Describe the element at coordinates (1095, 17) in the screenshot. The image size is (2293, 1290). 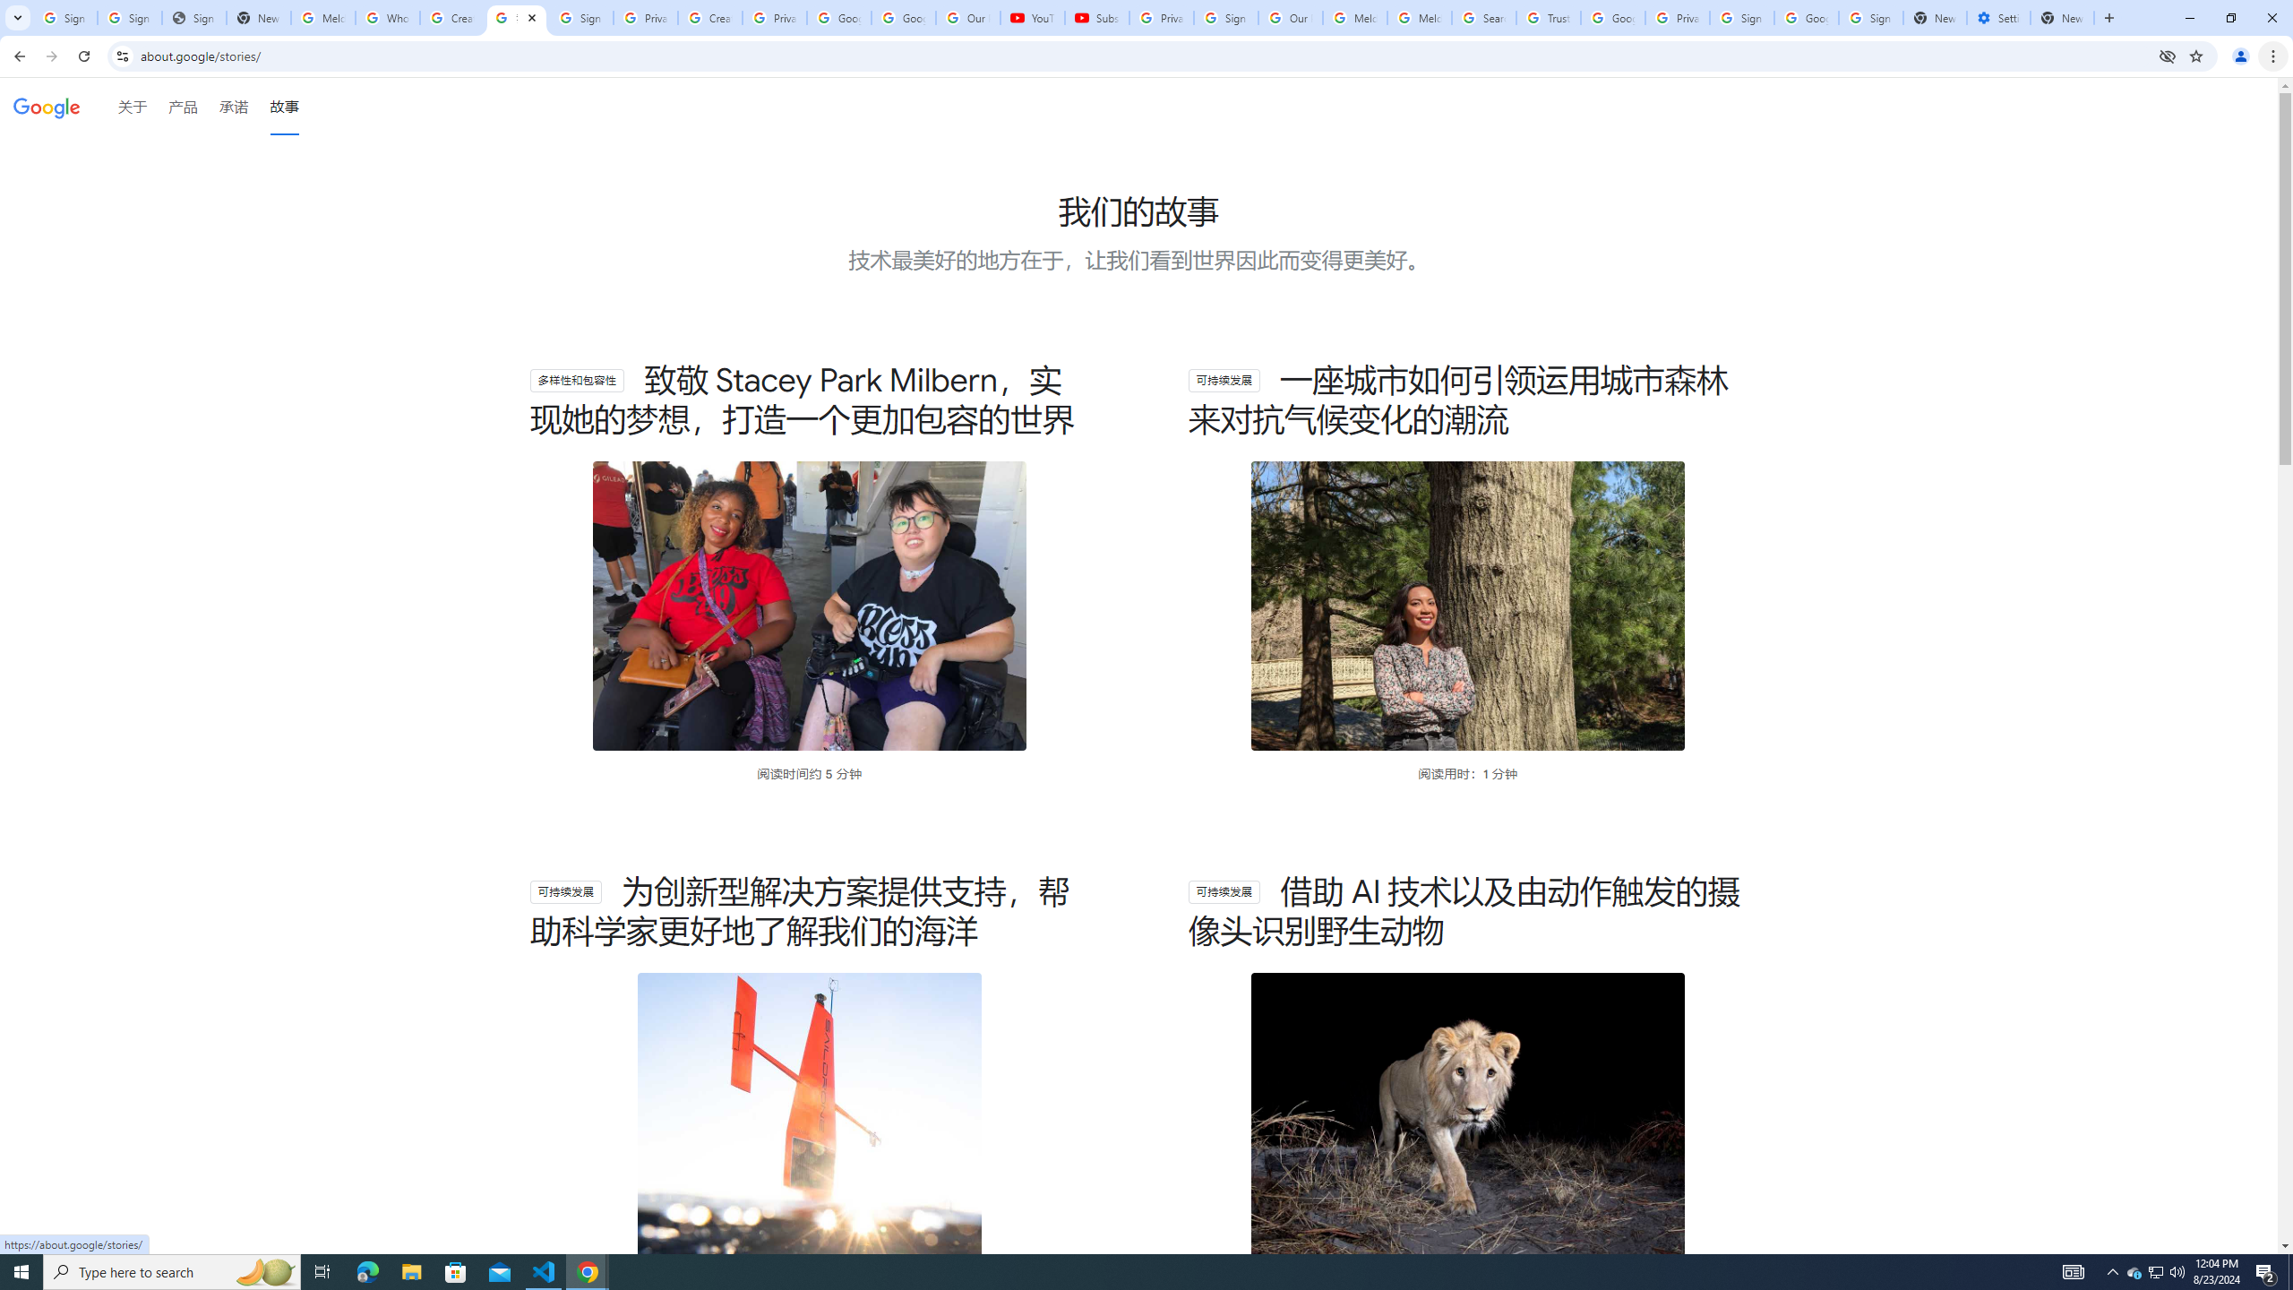
I see `'Subscriptions - YouTube'` at that location.